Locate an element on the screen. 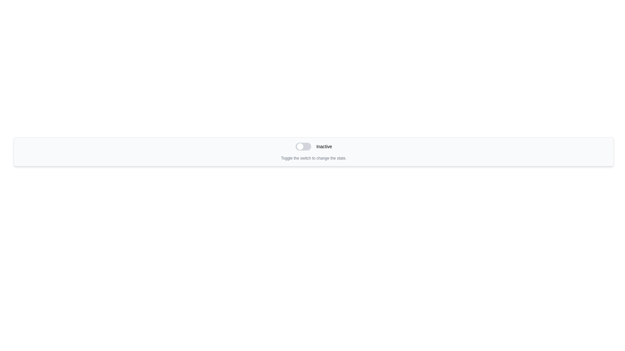 The width and height of the screenshot is (625, 351). the Text Label that reads 'Toggle the switch to change the state.' which is styled in a small, gray font and positioned below the toggle switch labeled 'Inactive' is located at coordinates (314, 158).